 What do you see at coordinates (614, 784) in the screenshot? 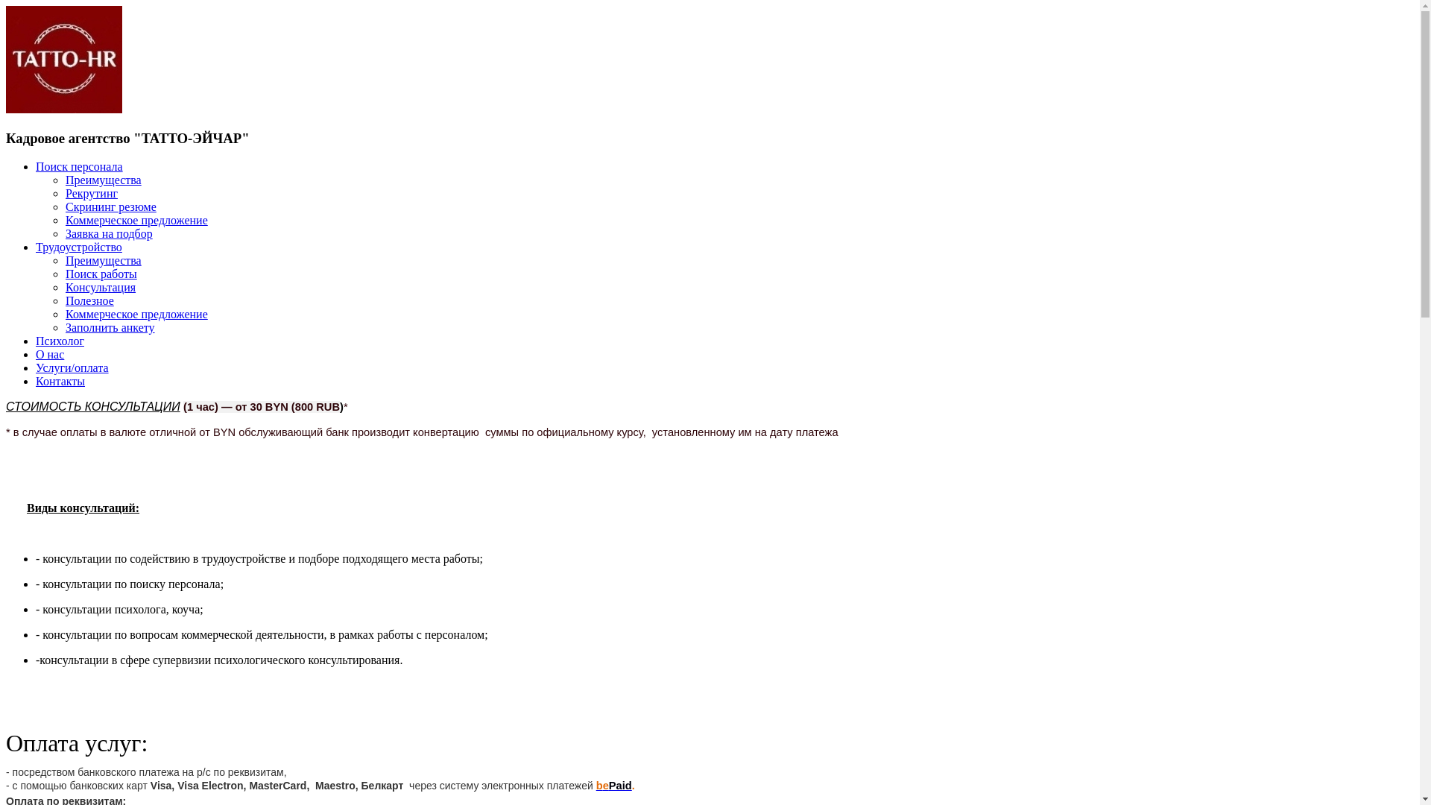
I see `'bePaid'` at bounding box center [614, 784].